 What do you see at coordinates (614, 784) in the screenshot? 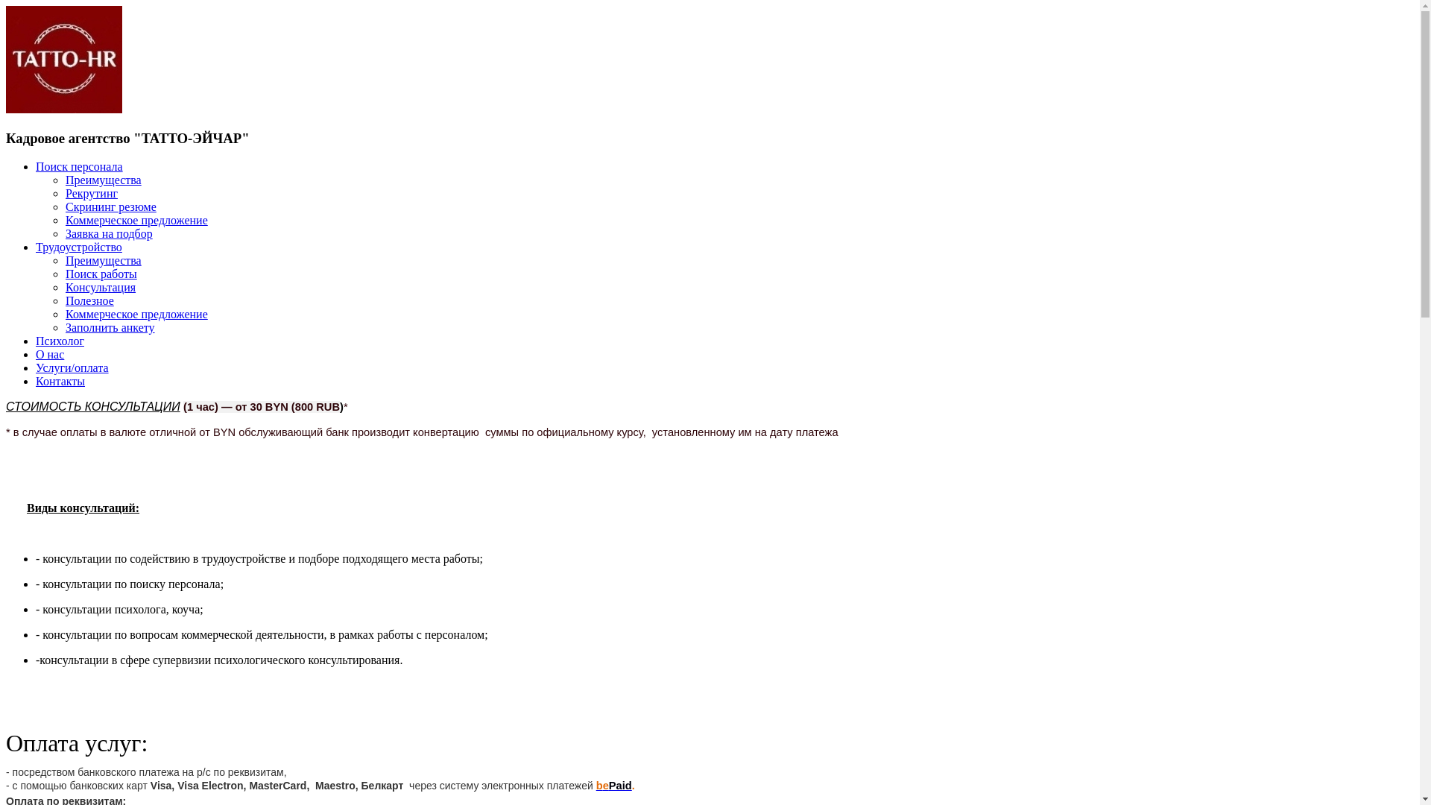
I see `'bePaid'` at bounding box center [614, 784].